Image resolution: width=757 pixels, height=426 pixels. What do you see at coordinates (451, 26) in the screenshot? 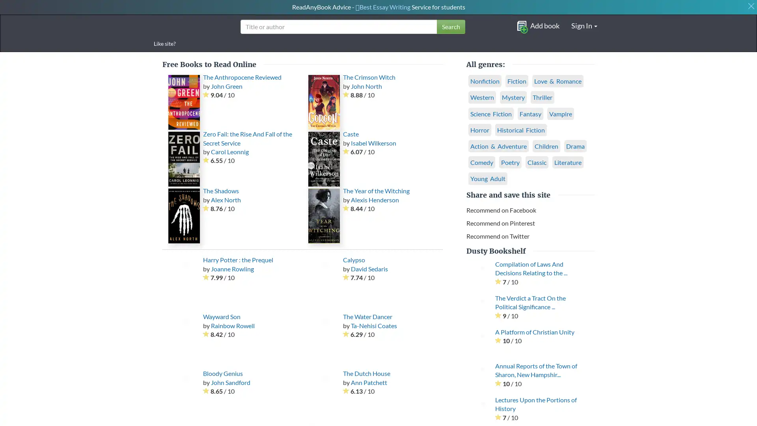
I see `Search` at bounding box center [451, 26].